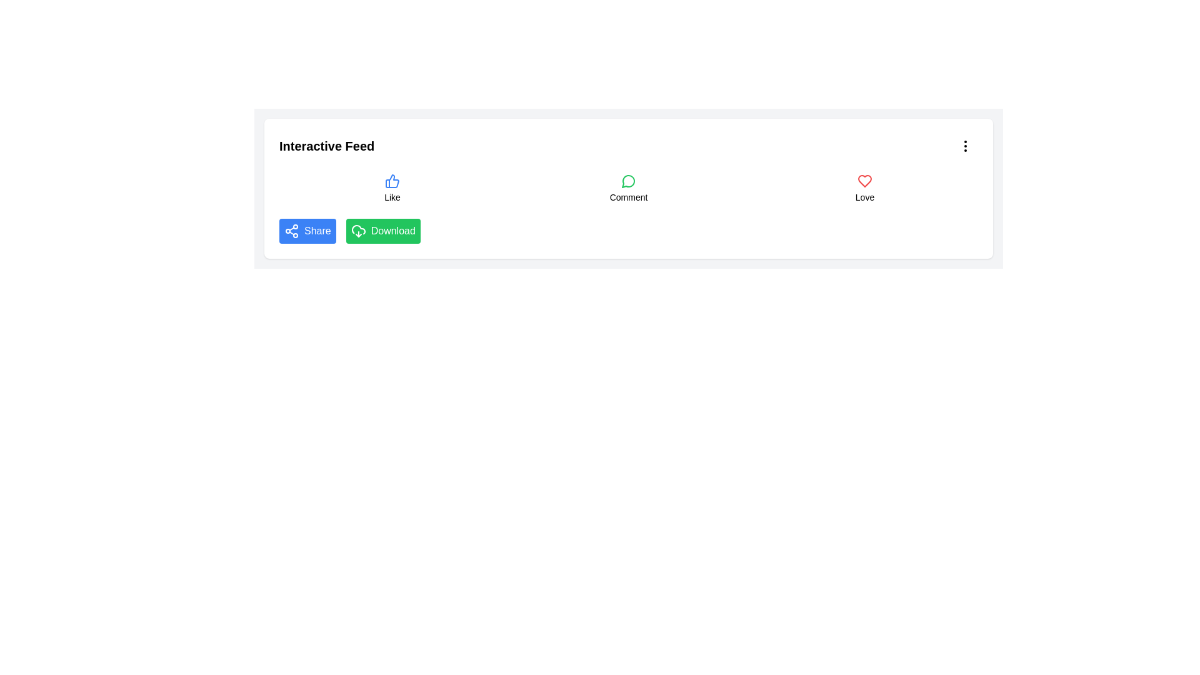  What do you see at coordinates (629, 188) in the screenshot?
I see `the green speech bubble button labeled 'Comment'` at bounding box center [629, 188].